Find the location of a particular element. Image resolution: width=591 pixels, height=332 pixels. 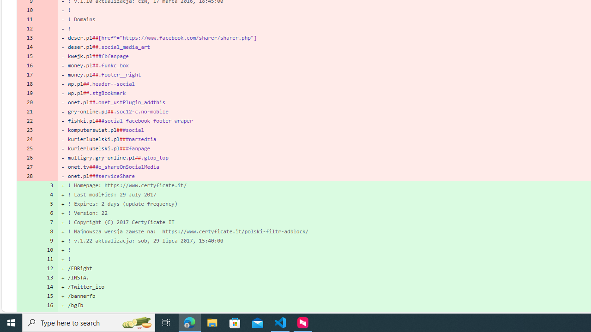

'12' is located at coordinates (47, 268).